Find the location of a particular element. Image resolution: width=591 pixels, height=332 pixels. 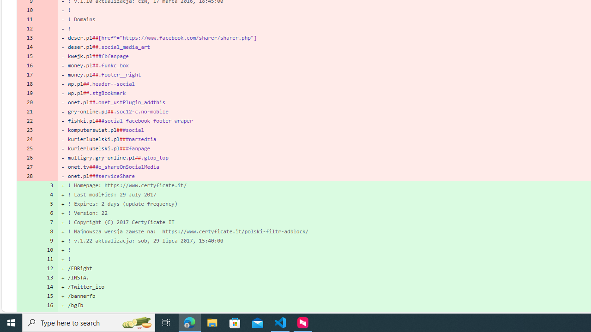

'12' is located at coordinates (47, 268).